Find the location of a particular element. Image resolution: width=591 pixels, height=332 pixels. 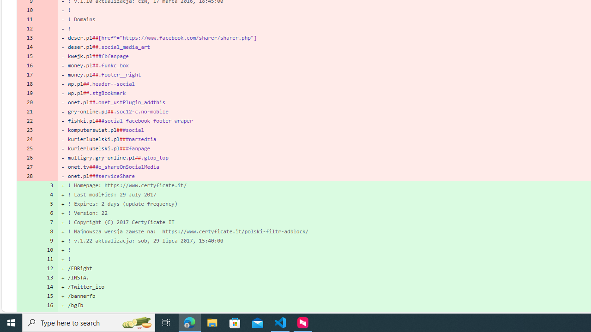

'12' is located at coordinates (47, 268).